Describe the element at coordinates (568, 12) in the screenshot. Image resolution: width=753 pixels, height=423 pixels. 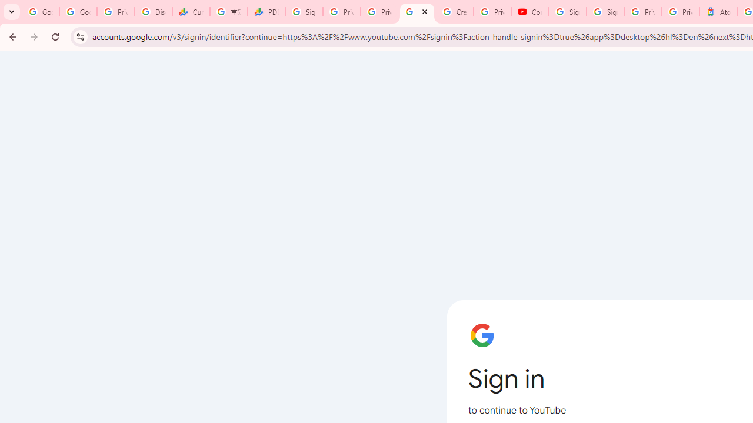
I see `'Sign in - Google Accounts'` at that location.